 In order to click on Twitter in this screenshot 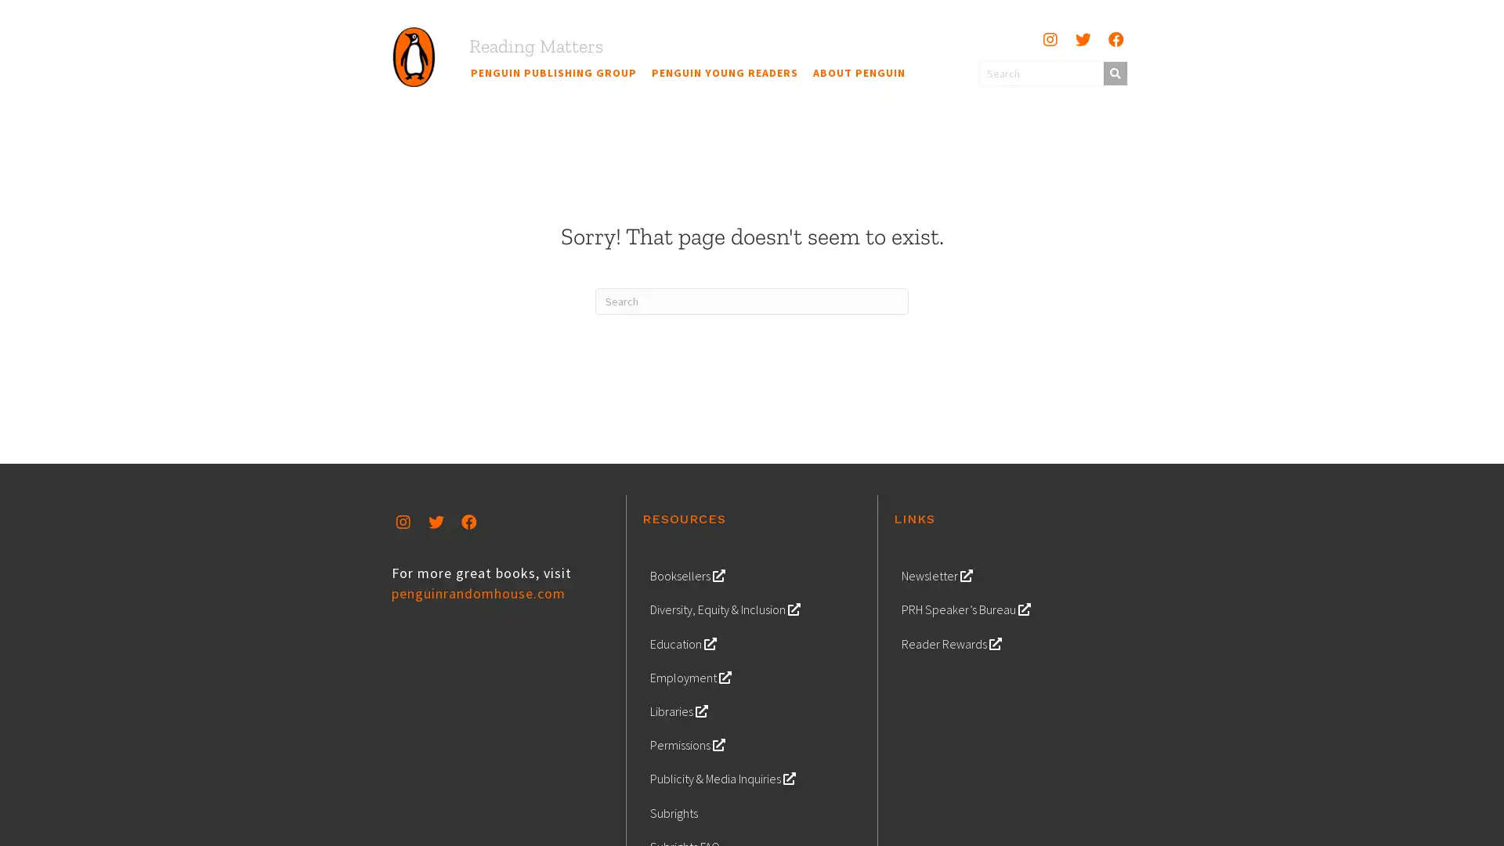, I will do `click(1082, 38)`.